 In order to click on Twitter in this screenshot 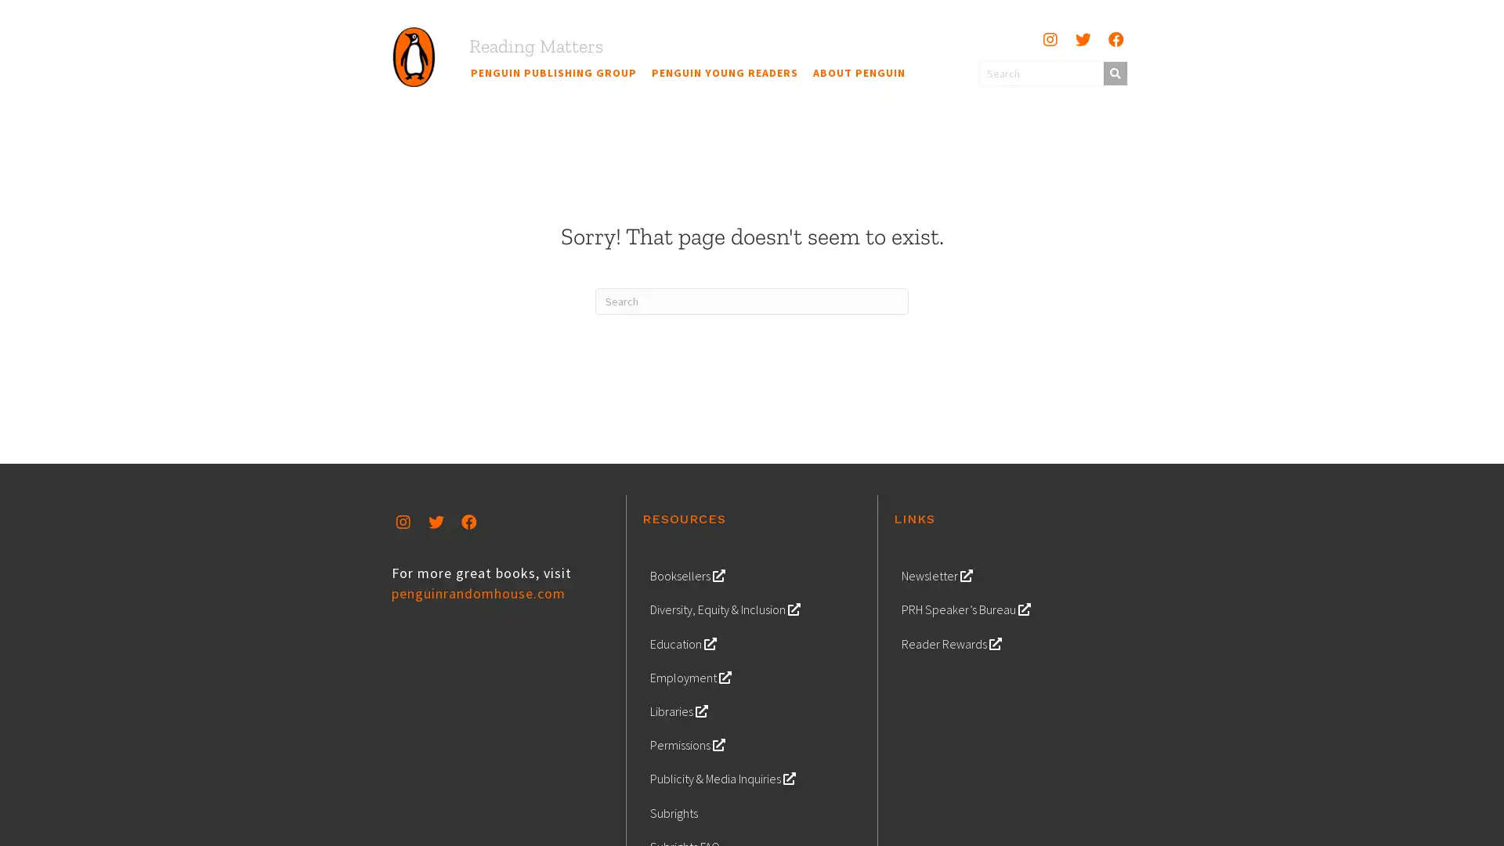, I will do `click(1082, 38)`.